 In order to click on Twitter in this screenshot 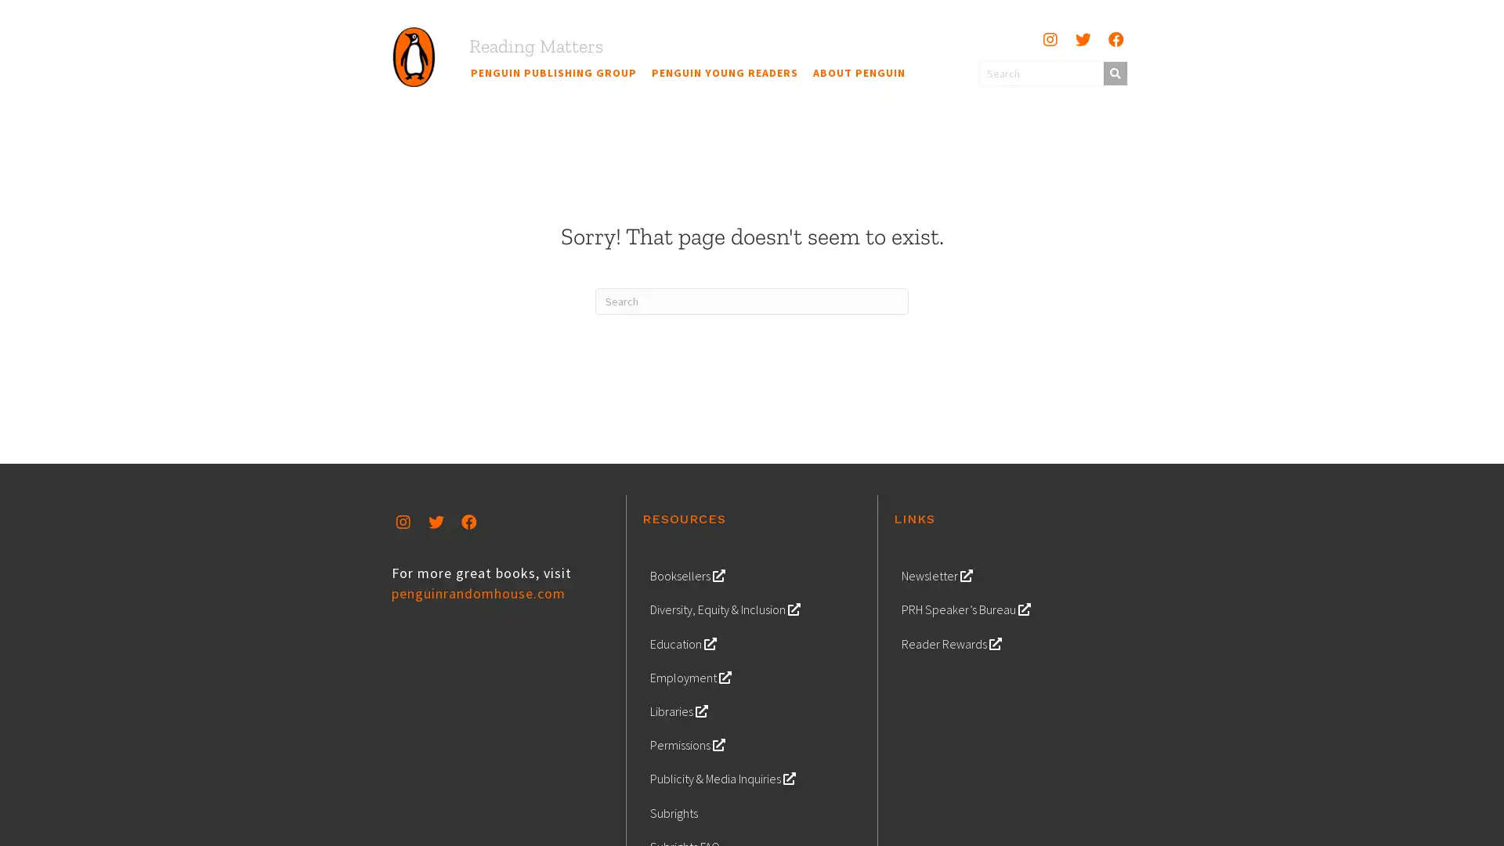, I will do `click(1082, 38)`.